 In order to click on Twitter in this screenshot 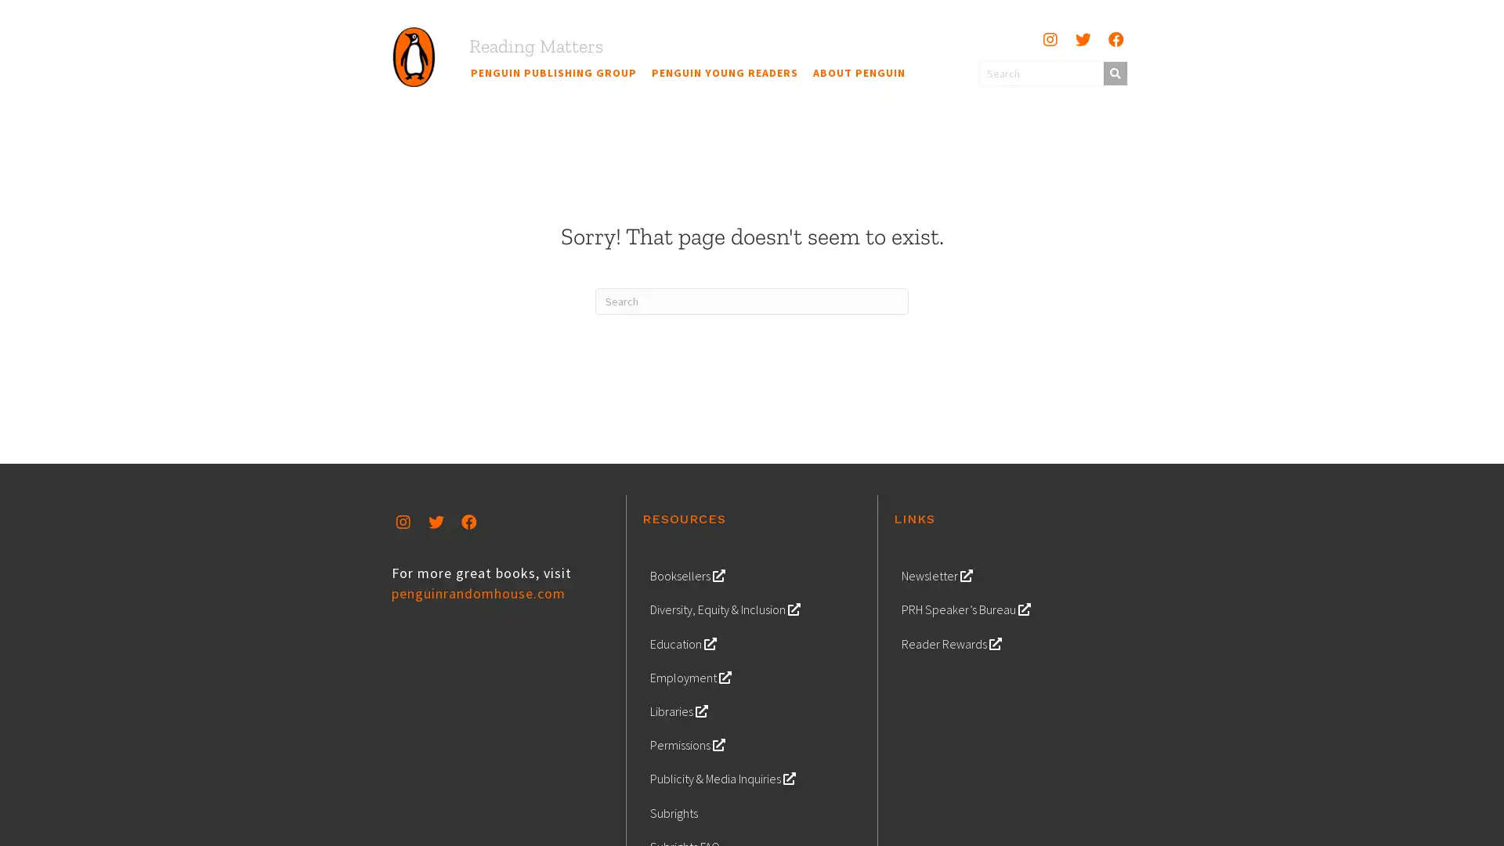, I will do `click(1082, 38)`.